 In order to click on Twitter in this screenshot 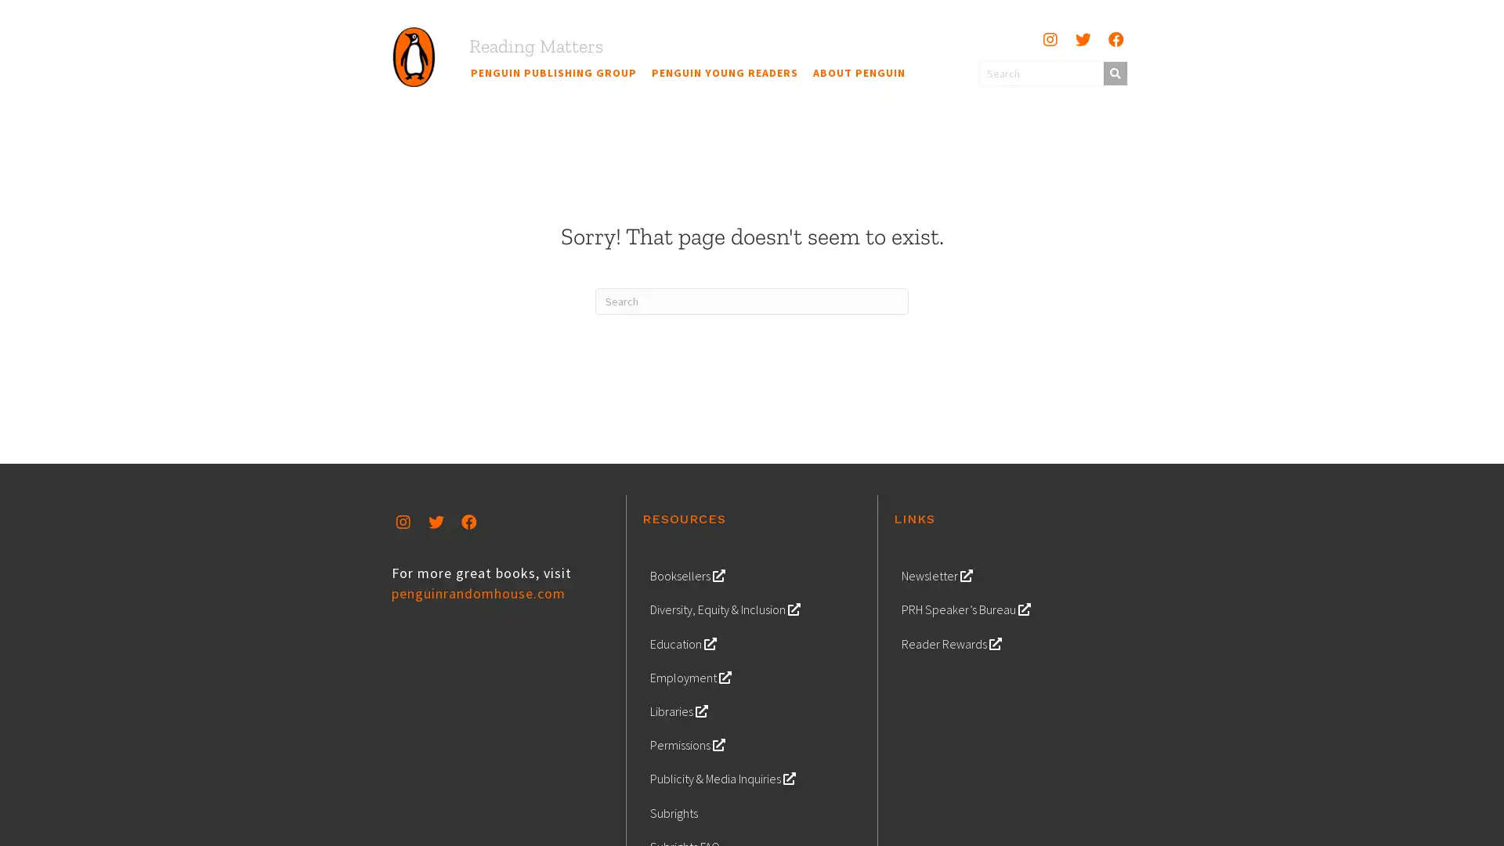, I will do `click(1082, 38)`.